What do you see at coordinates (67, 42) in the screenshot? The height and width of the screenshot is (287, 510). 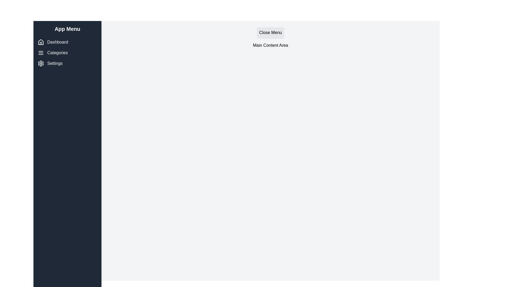 I see `the 'Dashboard' menu item to navigate to the dashboard` at bounding box center [67, 42].